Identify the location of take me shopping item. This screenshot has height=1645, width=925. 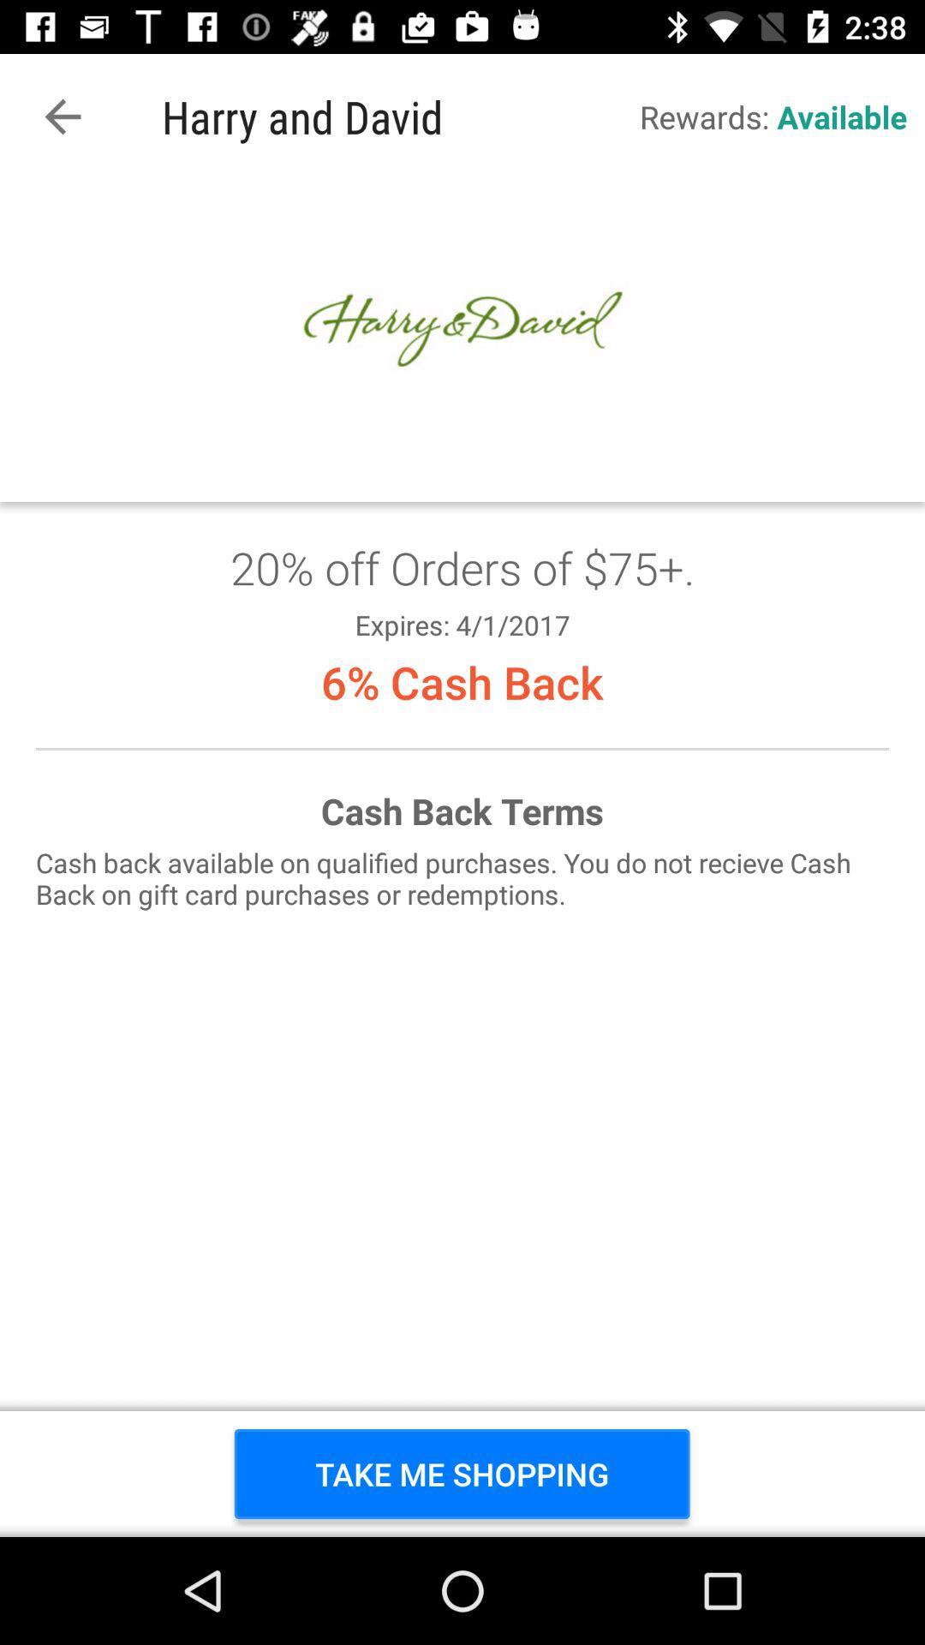
(461, 1473).